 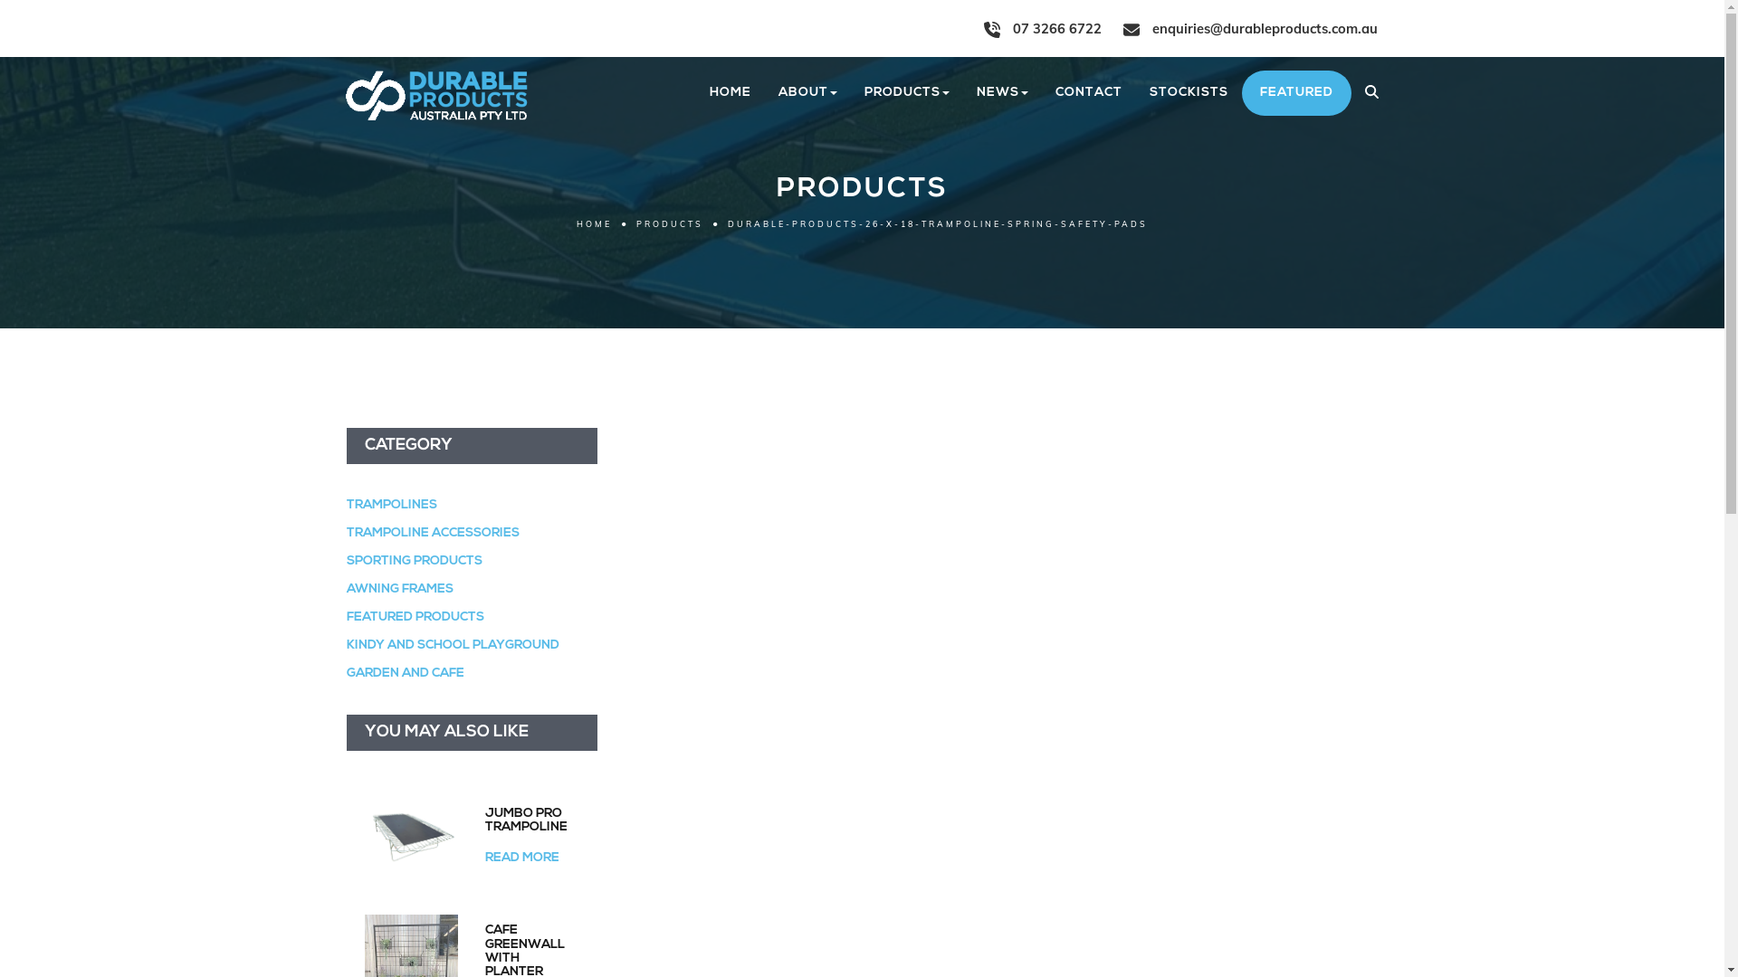 I want to click on 'TRAMPOLINES', so click(x=390, y=505).